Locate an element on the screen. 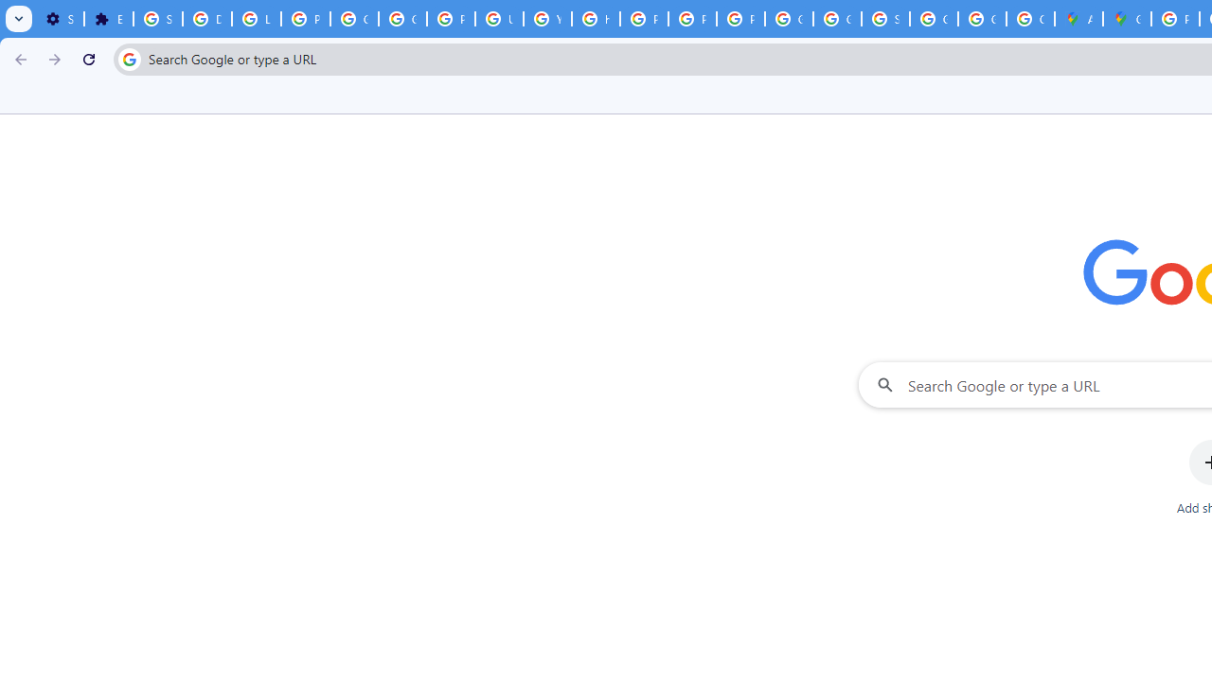 Image resolution: width=1212 pixels, height=681 pixels. 'Privacy Help Center - Policies Help' is located at coordinates (644, 19).